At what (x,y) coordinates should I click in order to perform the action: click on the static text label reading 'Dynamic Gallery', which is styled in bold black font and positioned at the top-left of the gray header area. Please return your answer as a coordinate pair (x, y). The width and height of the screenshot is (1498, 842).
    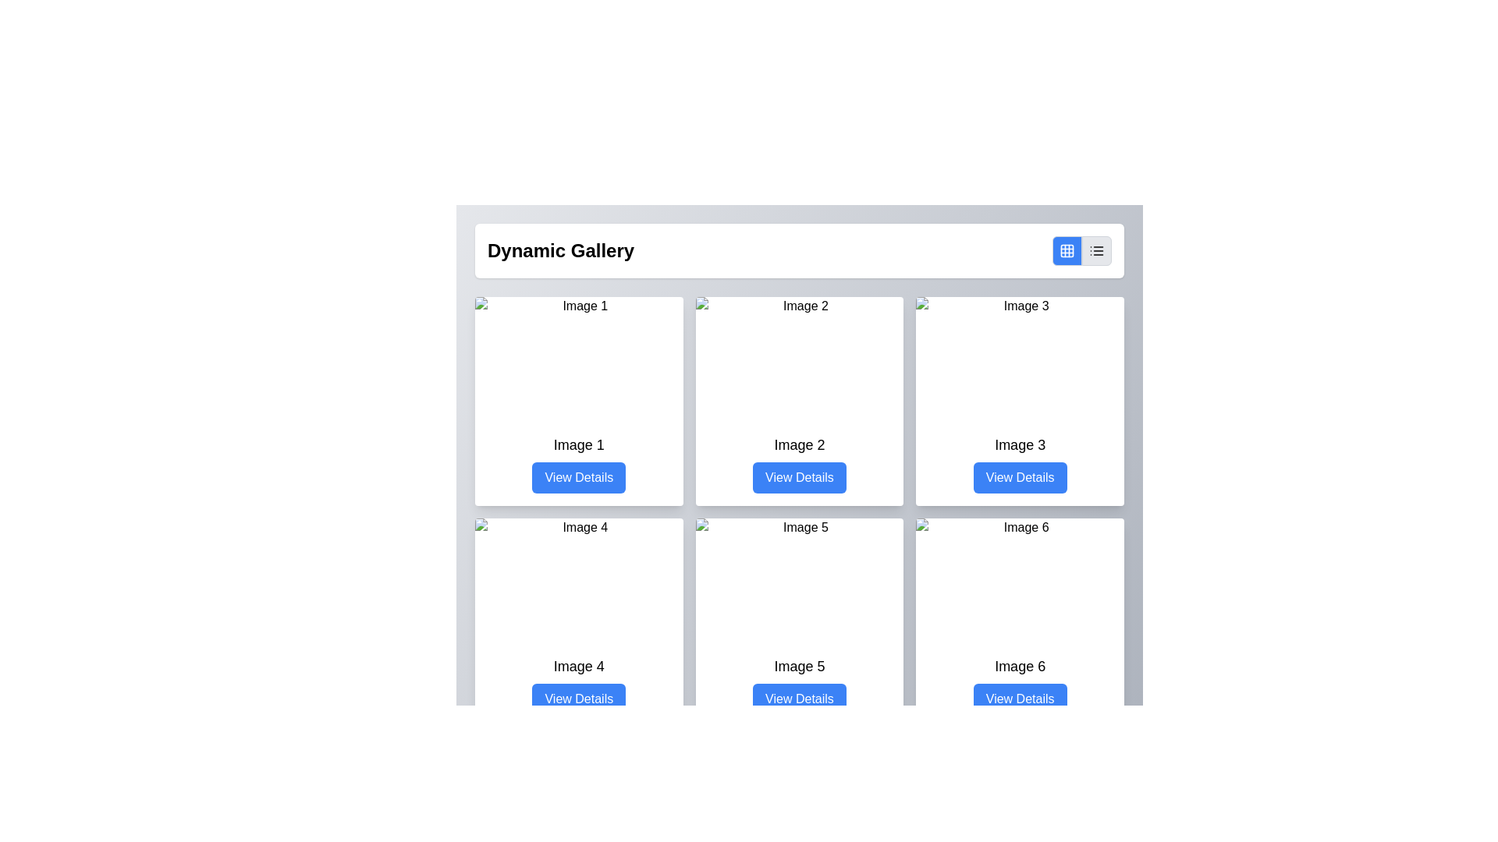
    Looking at the image, I should click on (561, 249).